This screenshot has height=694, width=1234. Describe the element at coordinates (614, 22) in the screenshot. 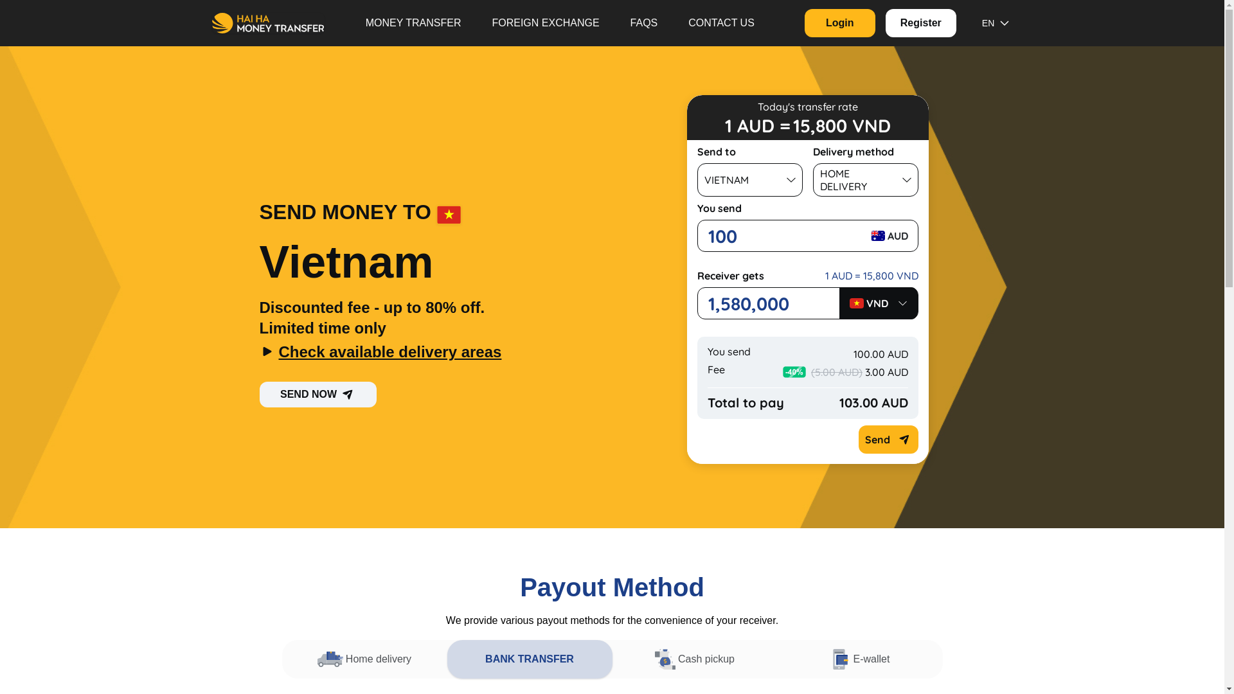

I see `'FAQS'` at that location.